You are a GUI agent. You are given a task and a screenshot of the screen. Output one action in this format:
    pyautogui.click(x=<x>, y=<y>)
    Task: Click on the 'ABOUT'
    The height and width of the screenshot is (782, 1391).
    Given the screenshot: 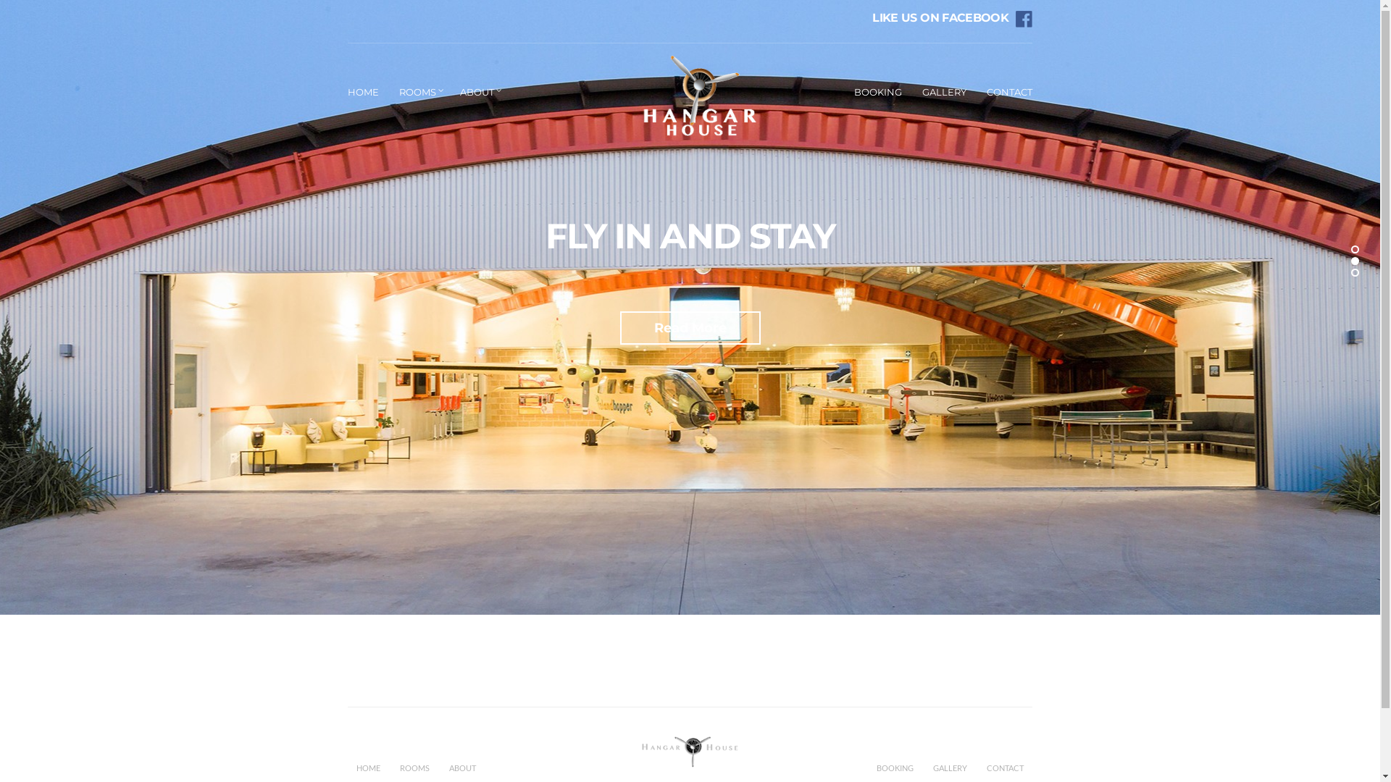 What is the action you would take?
    pyautogui.click(x=479, y=94)
    